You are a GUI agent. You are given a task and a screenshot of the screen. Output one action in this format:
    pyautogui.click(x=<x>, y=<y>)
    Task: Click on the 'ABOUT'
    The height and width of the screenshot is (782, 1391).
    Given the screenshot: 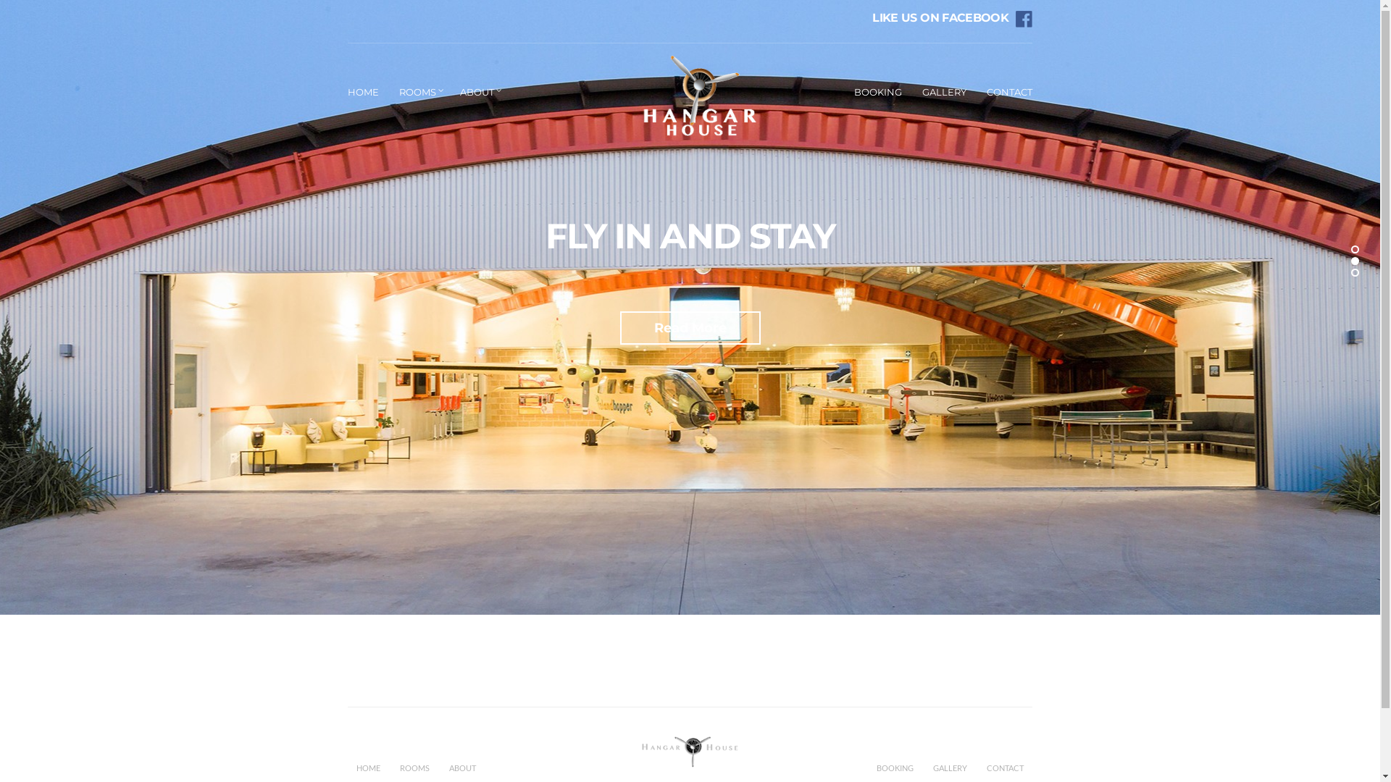 What is the action you would take?
    pyautogui.click(x=479, y=94)
    